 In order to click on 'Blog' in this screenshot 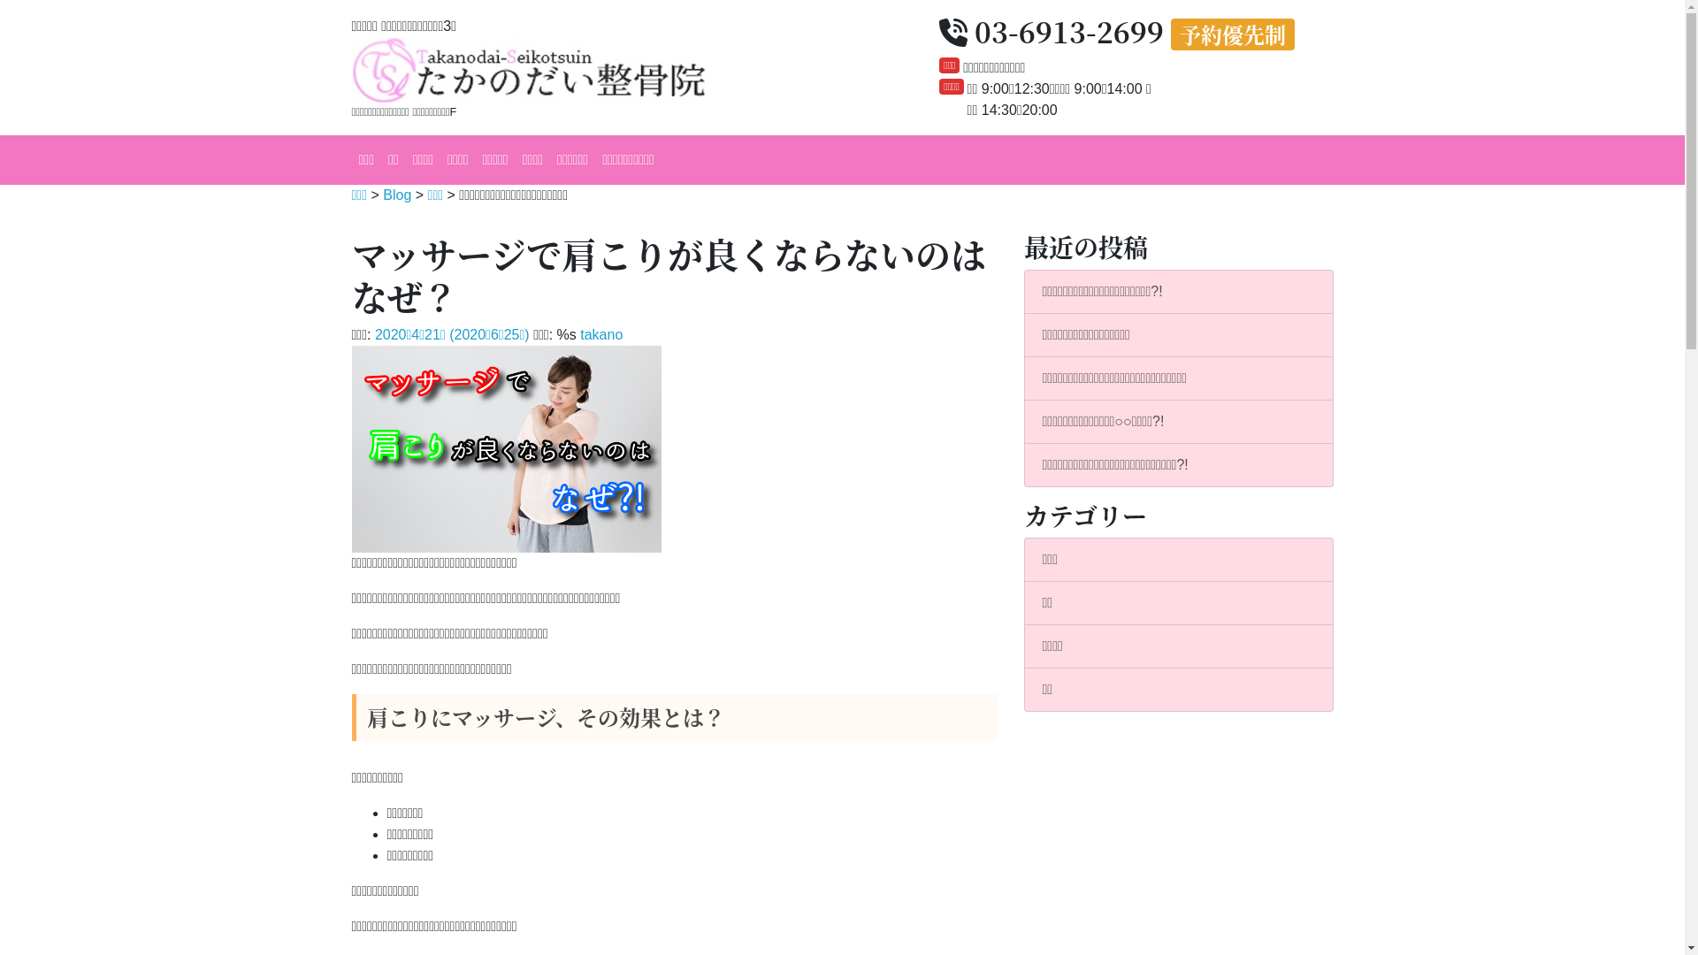, I will do `click(396, 195)`.